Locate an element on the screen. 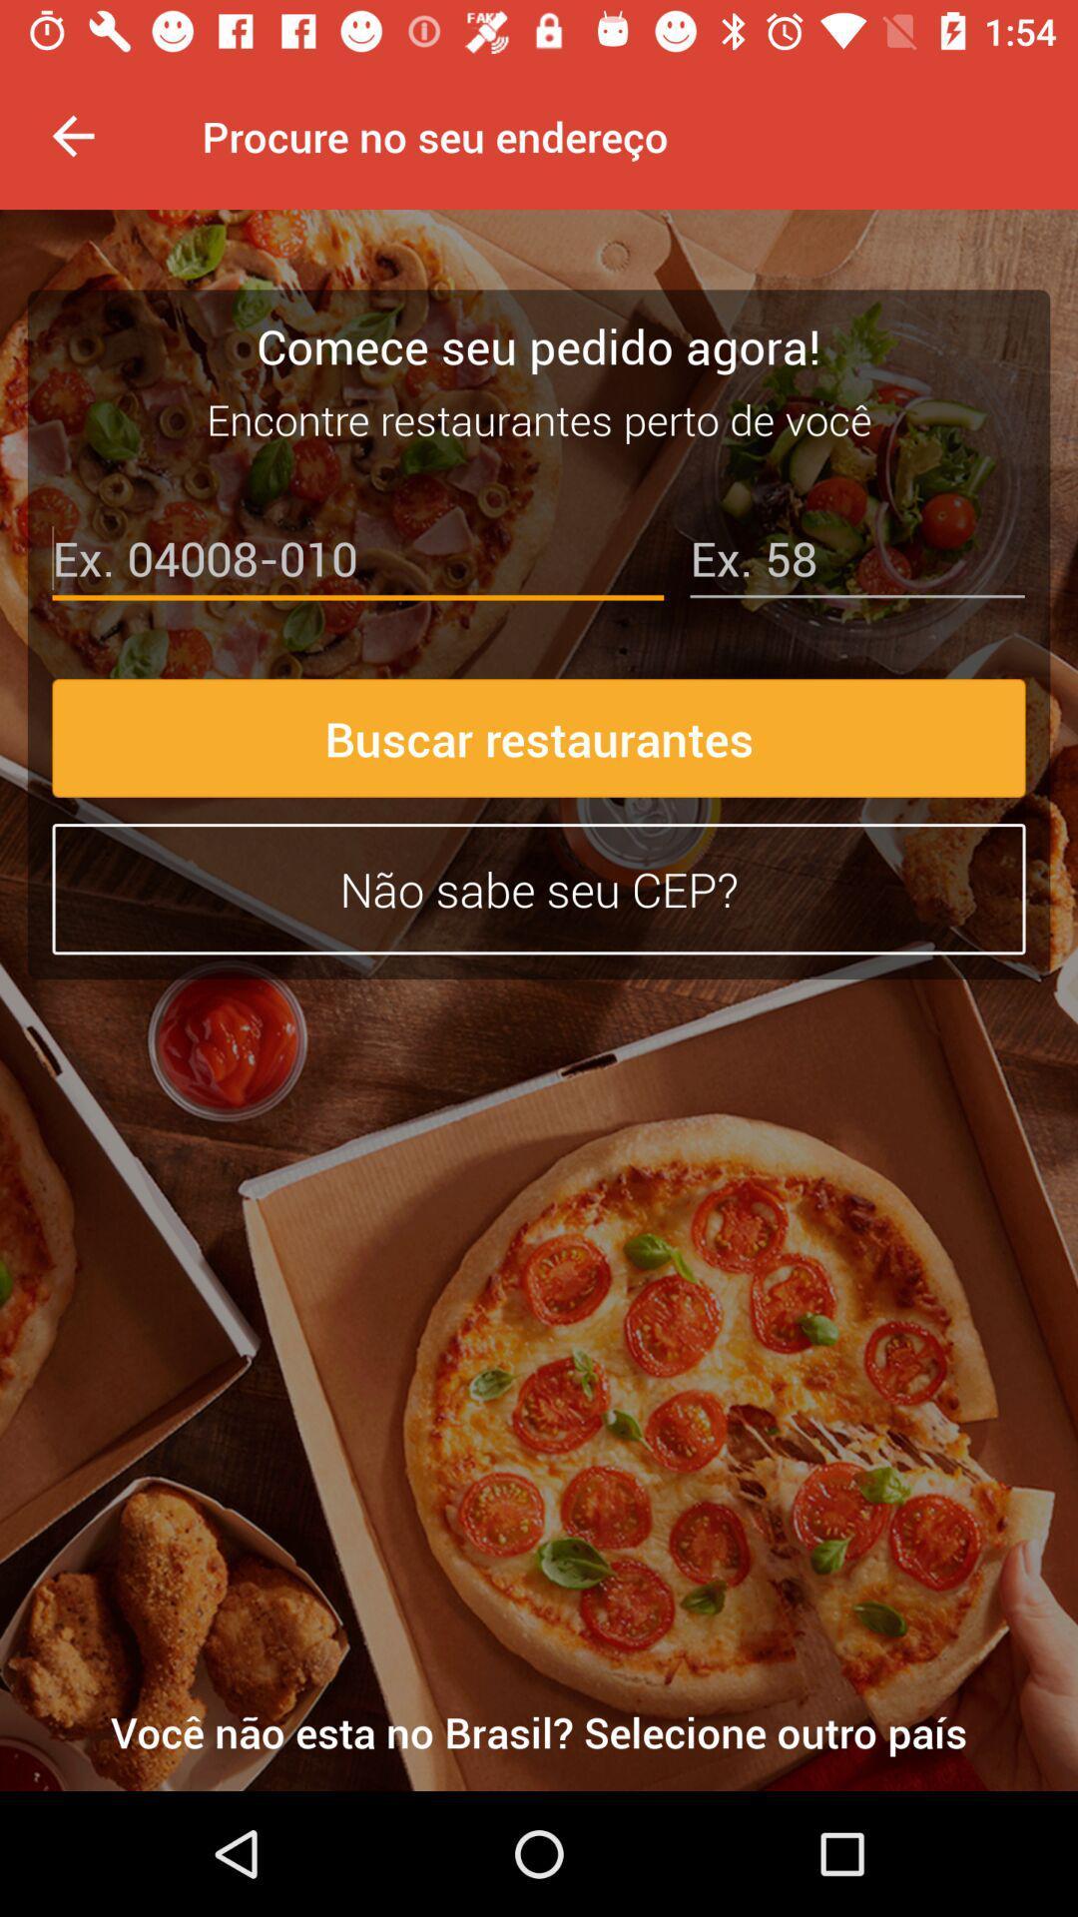 The image size is (1078, 1917). address is located at coordinates (856, 562).